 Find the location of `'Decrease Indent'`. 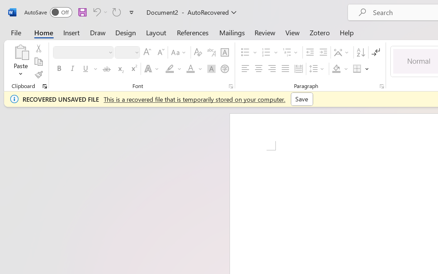

'Decrease Indent' is located at coordinates (310, 52).